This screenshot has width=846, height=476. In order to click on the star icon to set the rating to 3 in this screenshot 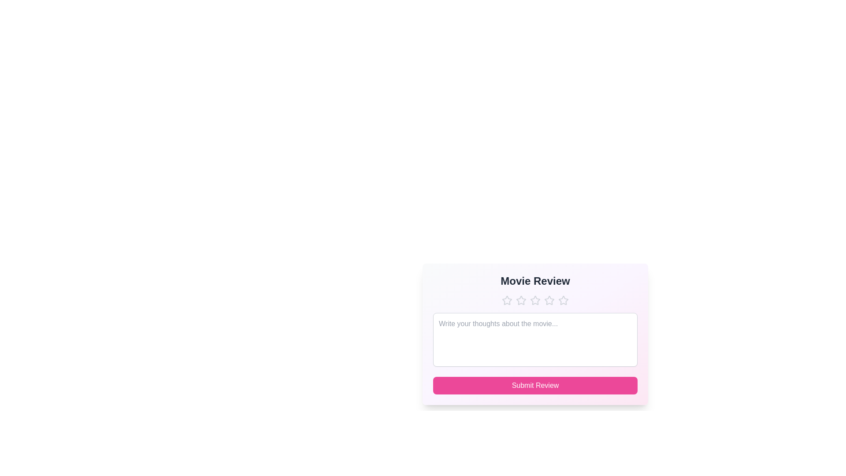, I will do `click(534, 300)`.